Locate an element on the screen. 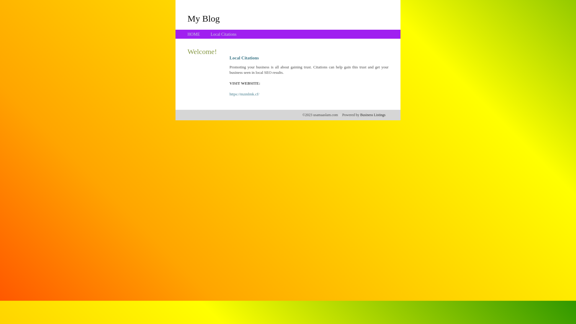 This screenshot has width=576, height=324. 'Business Listings' is located at coordinates (373, 115).